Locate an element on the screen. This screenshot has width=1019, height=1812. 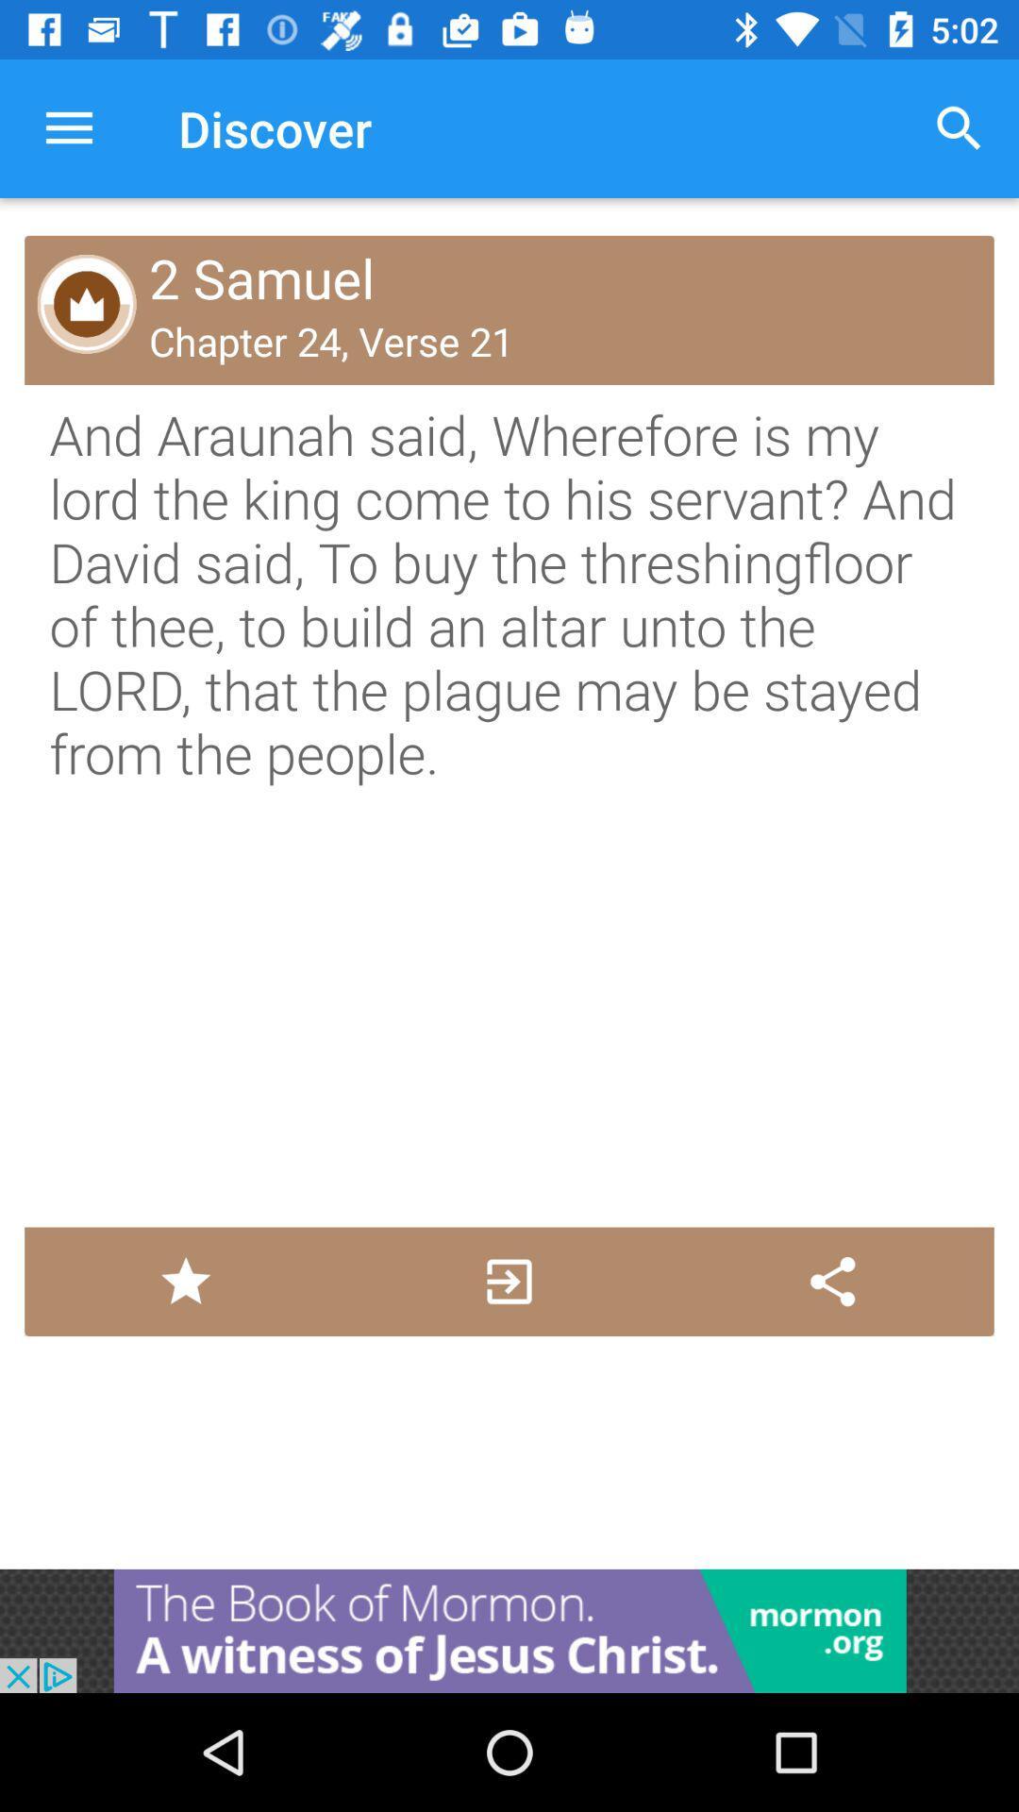
go forward is located at coordinates (508, 1282).